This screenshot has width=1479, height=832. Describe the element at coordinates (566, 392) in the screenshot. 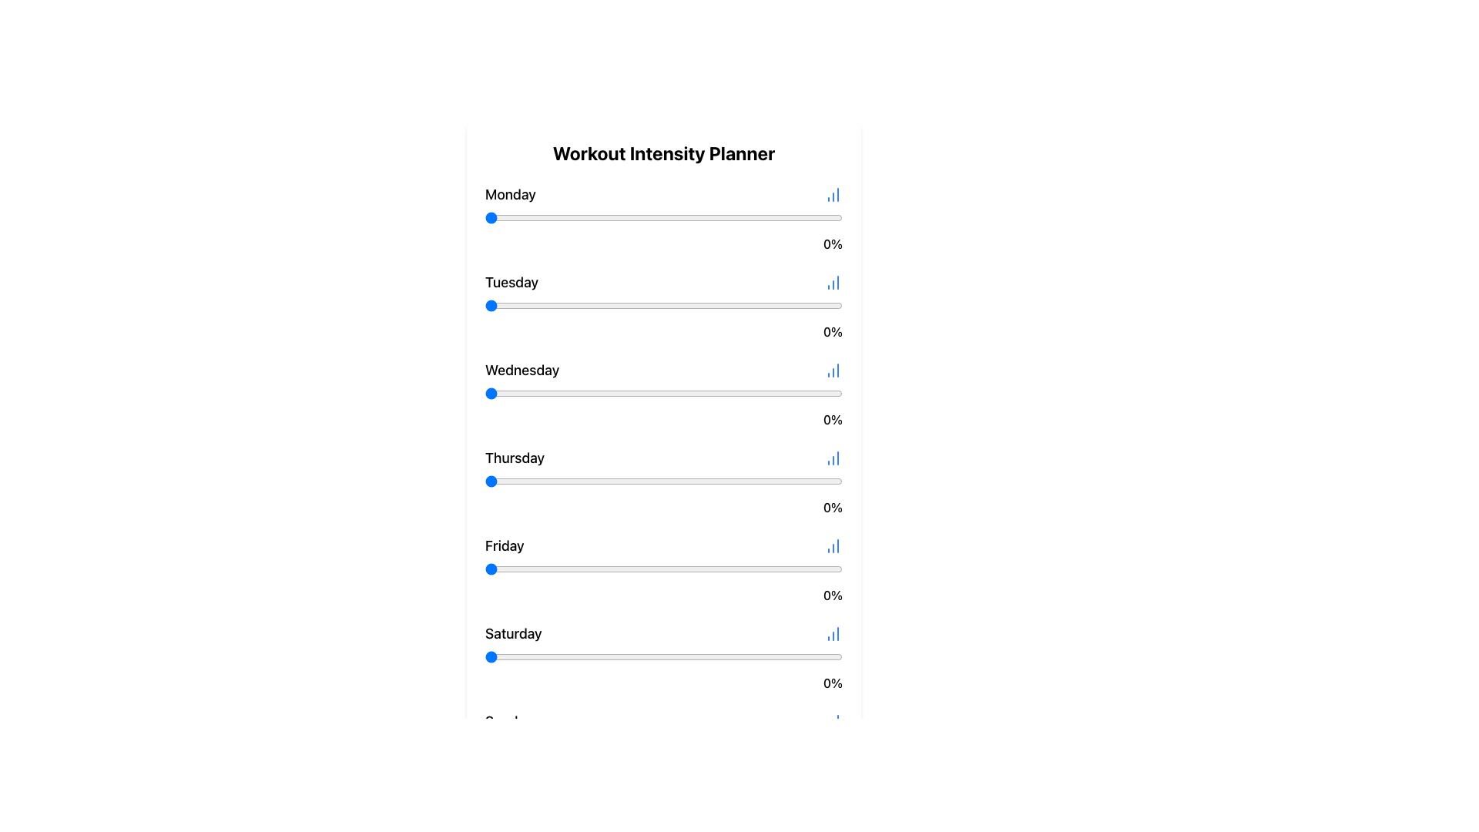

I see `the Wednesday workout intensity` at that location.